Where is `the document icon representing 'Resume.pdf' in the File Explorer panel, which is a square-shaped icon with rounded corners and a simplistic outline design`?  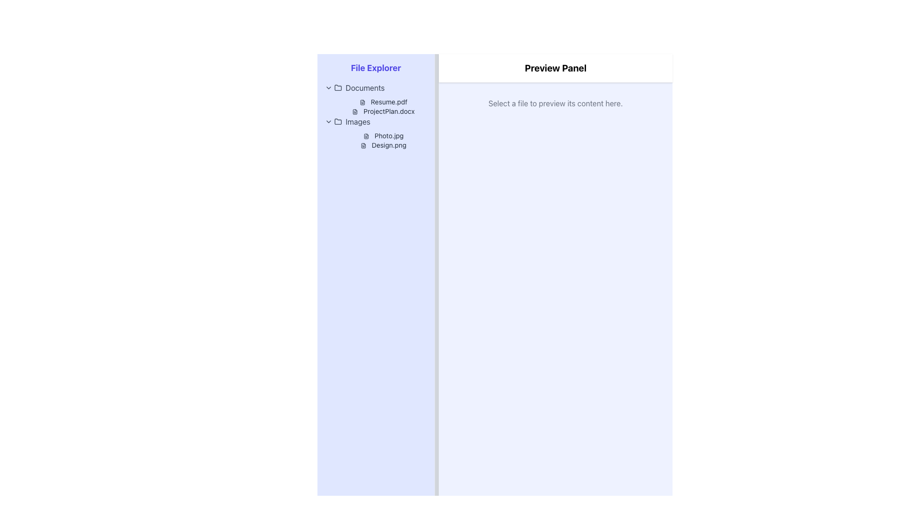 the document icon representing 'Resume.pdf' in the File Explorer panel, which is a square-shaped icon with rounded corners and a simplistic outline design is located at coordinates (362, 103).